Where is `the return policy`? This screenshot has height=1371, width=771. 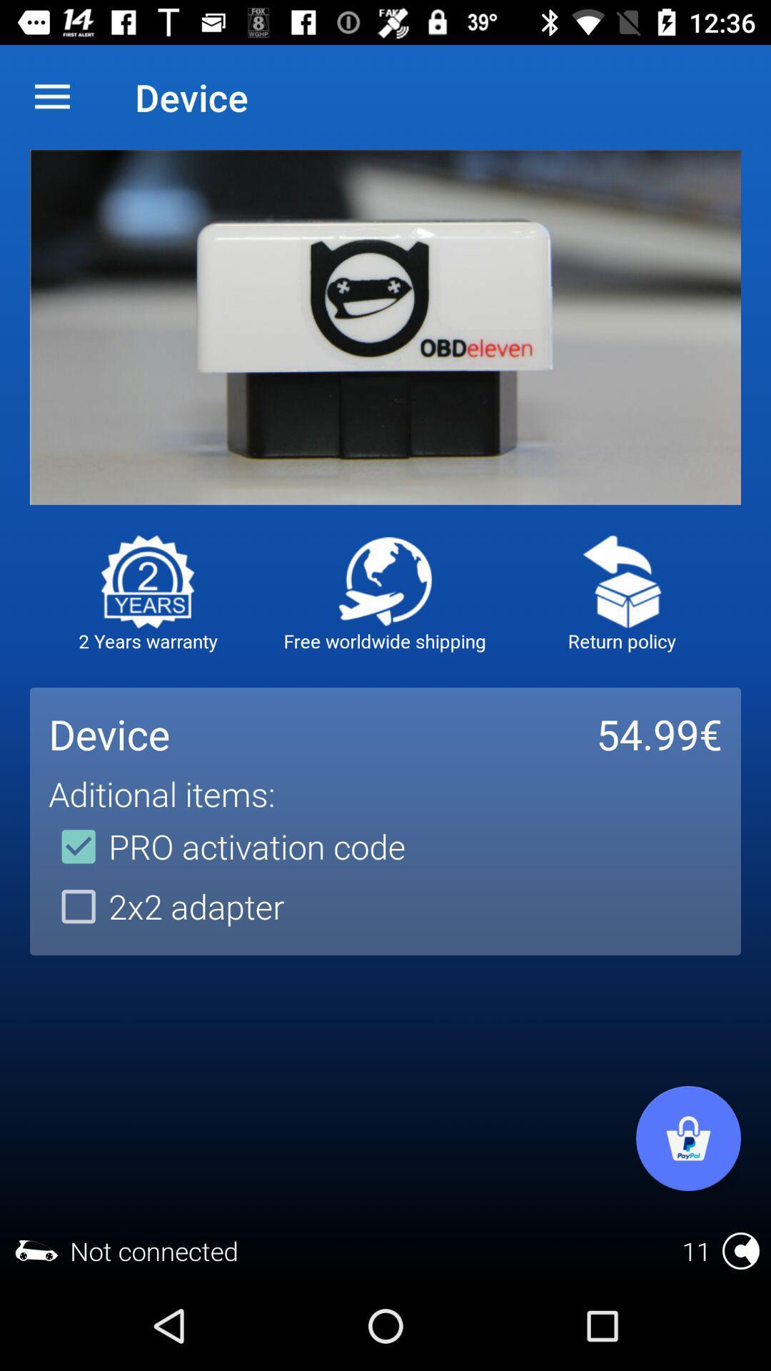 the return policy is located at coordinates (621, 581).